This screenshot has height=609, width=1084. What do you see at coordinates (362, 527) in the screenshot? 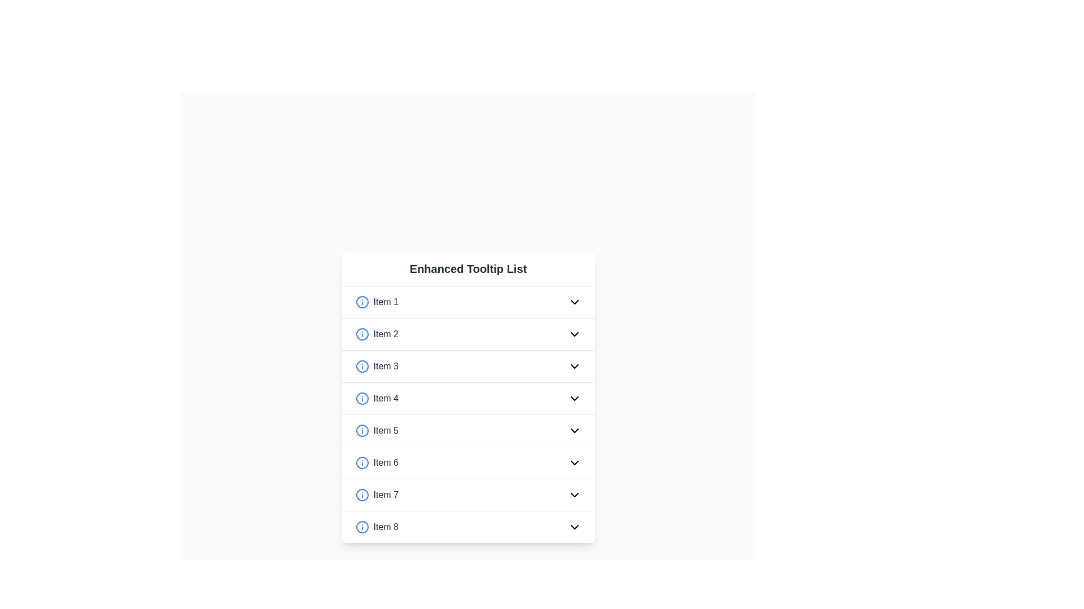
I see `the Informational icon next to 'Item 8' in the 'Enhanced Tooltip List'` at bounding box center [362, 527].